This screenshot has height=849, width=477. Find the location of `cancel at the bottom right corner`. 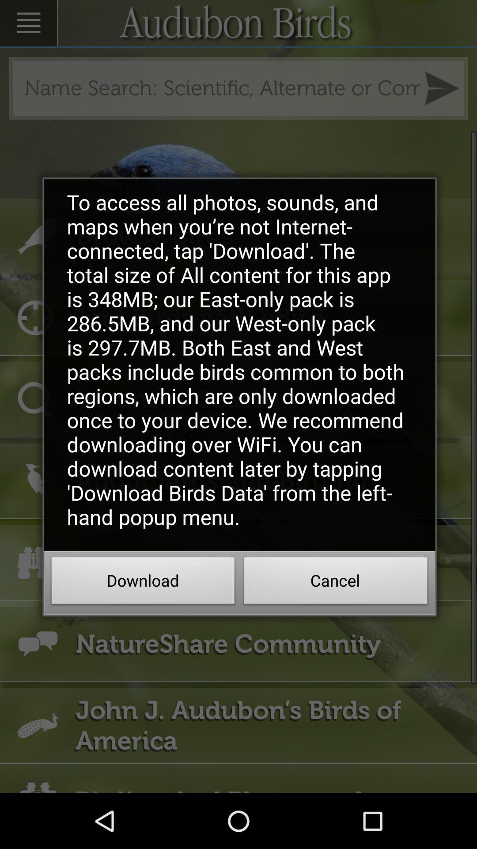

cancel at the bottom right corner is located at coordinates (336, 583).